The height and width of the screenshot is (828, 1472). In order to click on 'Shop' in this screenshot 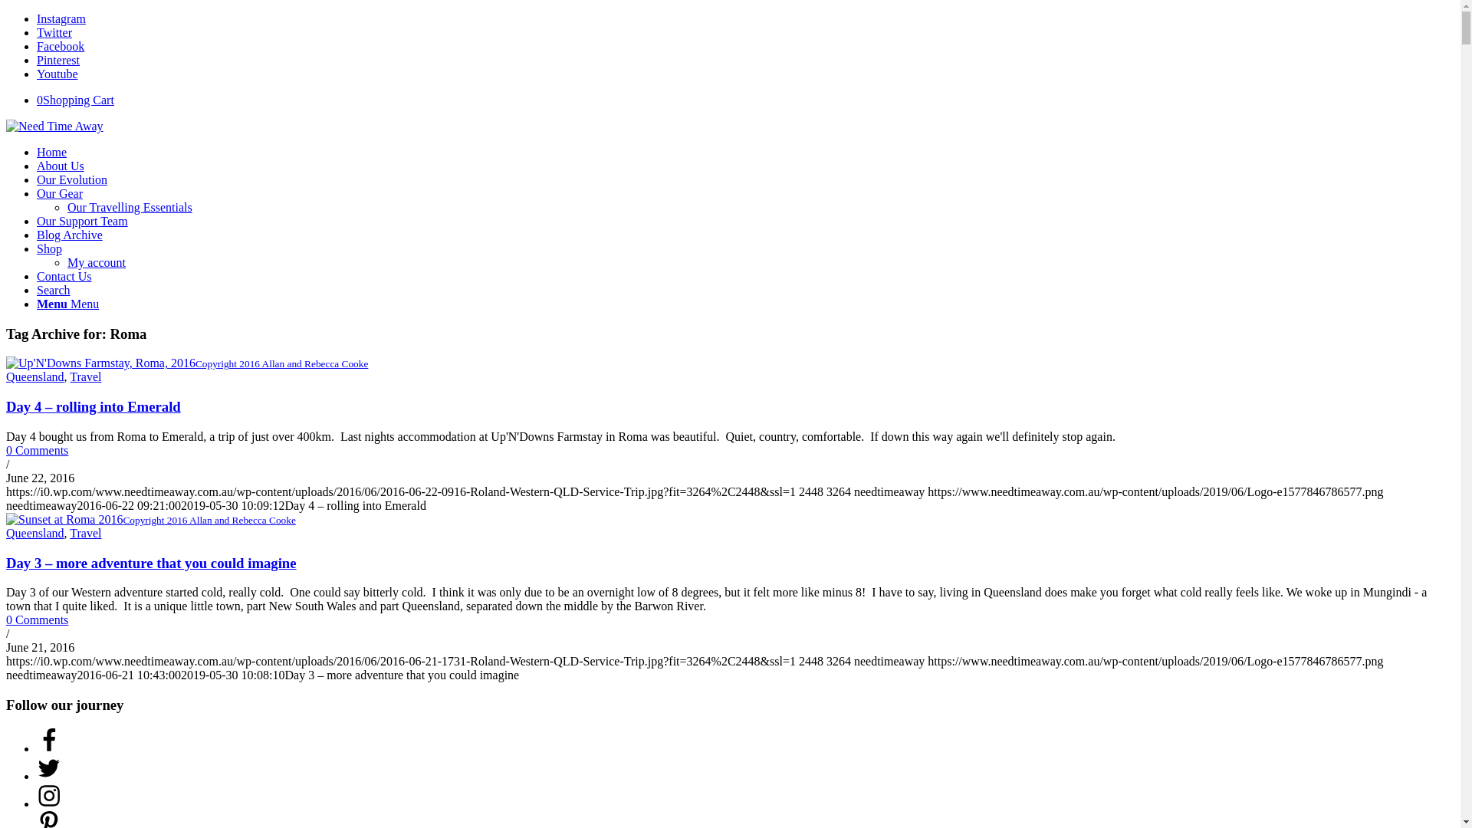, I will do `click(49, 248)`.